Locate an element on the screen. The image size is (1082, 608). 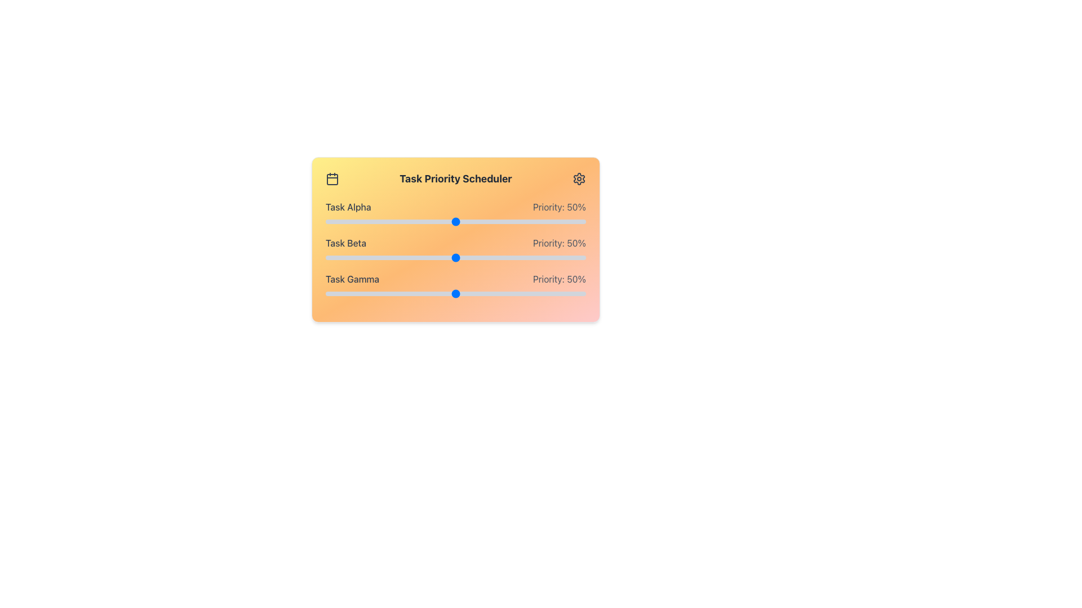
the Informational label displaying 'Task Gamma' and 'Priority: 50%' which is located under 'Task Beta' and above a slider component is located at coordinates (456, 279).